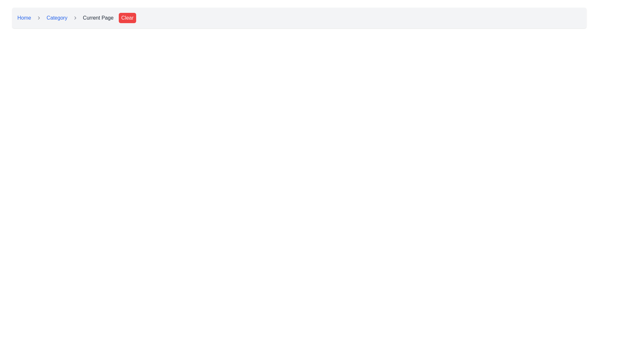 Image resolution: width=618 pixels, height=347 pixels. I want to click on the blue and underlined hyperlink labeled 'Category' in the breadcrumb navigation bar, so click(57, 18).